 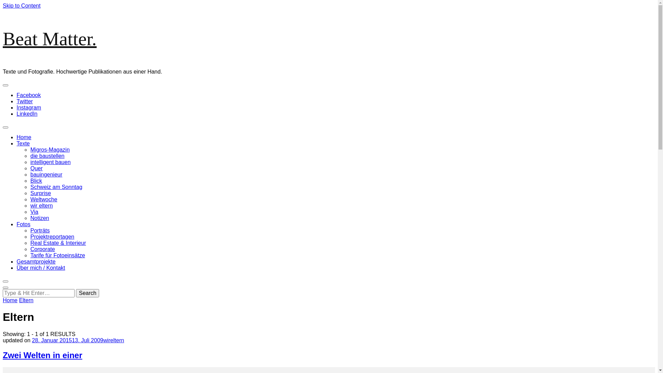 What do you see at coordinates (17, 113) in the screenshot?
I see `'LinkedIn'` at bounding box center [17, 113].